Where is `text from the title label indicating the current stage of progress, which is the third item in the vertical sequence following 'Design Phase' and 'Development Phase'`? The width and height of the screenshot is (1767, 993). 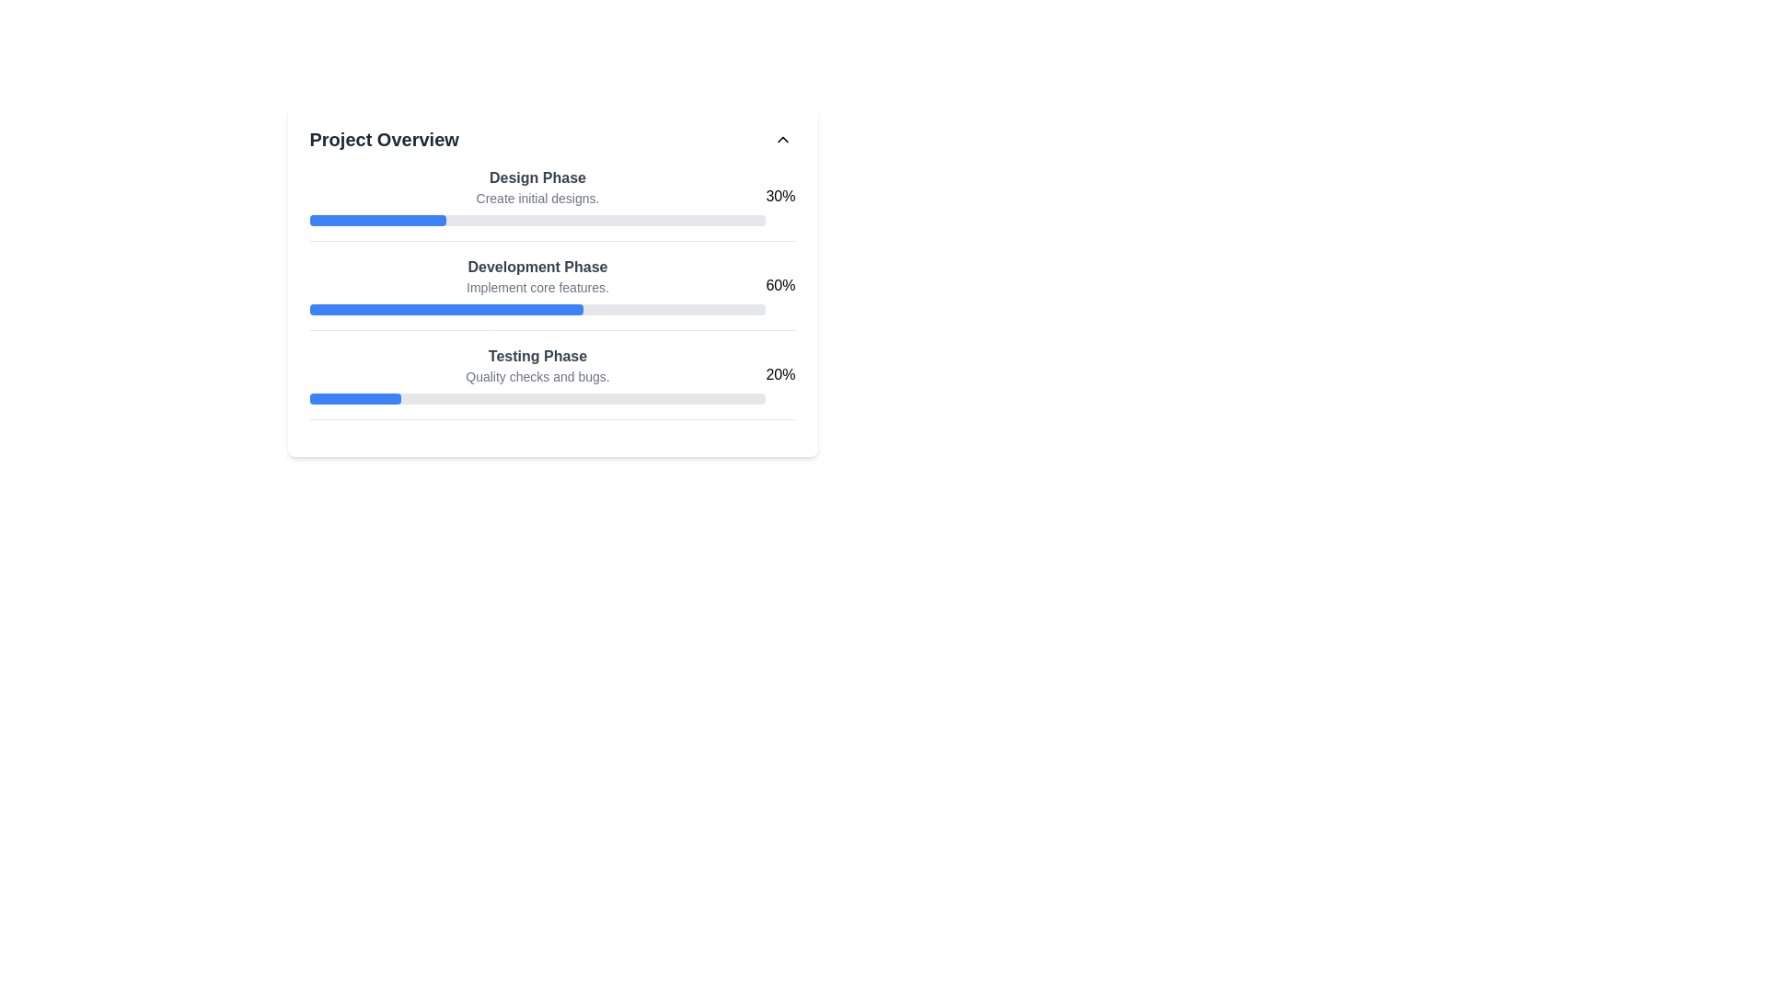
text from the title label indicating the current stage of progress, which is the third item in the vertical sequence following 'Design Phase' and 'Development Phase' is located at coordinates (537, 357).